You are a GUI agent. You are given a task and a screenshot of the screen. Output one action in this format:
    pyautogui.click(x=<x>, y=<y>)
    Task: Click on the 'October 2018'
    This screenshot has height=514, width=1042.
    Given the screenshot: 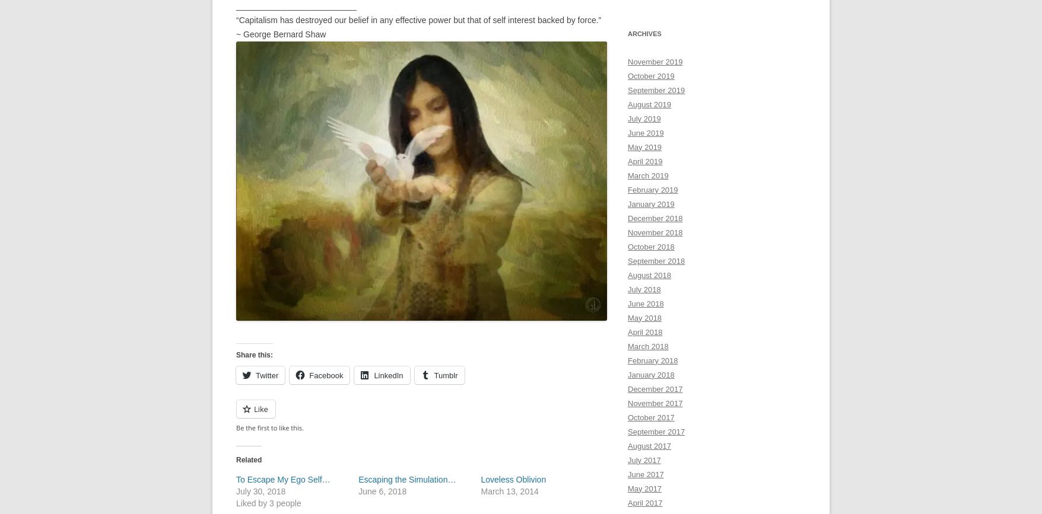 What is the action you would take?
    pyautogui.click(x=650, y=246)
    